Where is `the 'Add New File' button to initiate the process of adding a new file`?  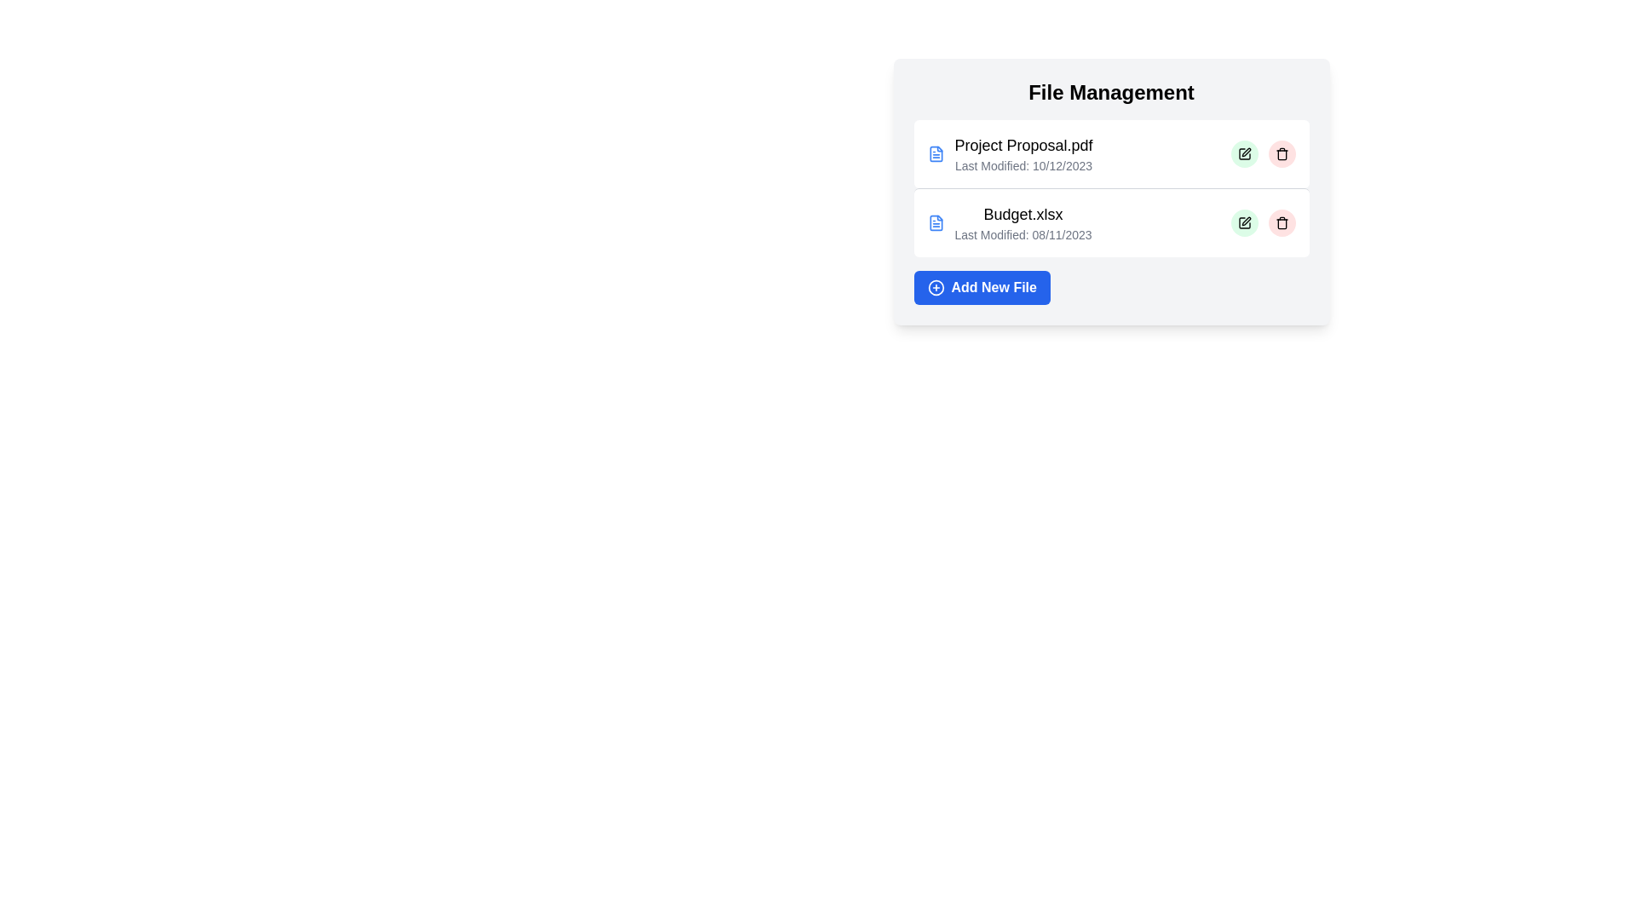 the 'Add New File' button to initiate the process of adding a new file is located at coordinates (982, 287).